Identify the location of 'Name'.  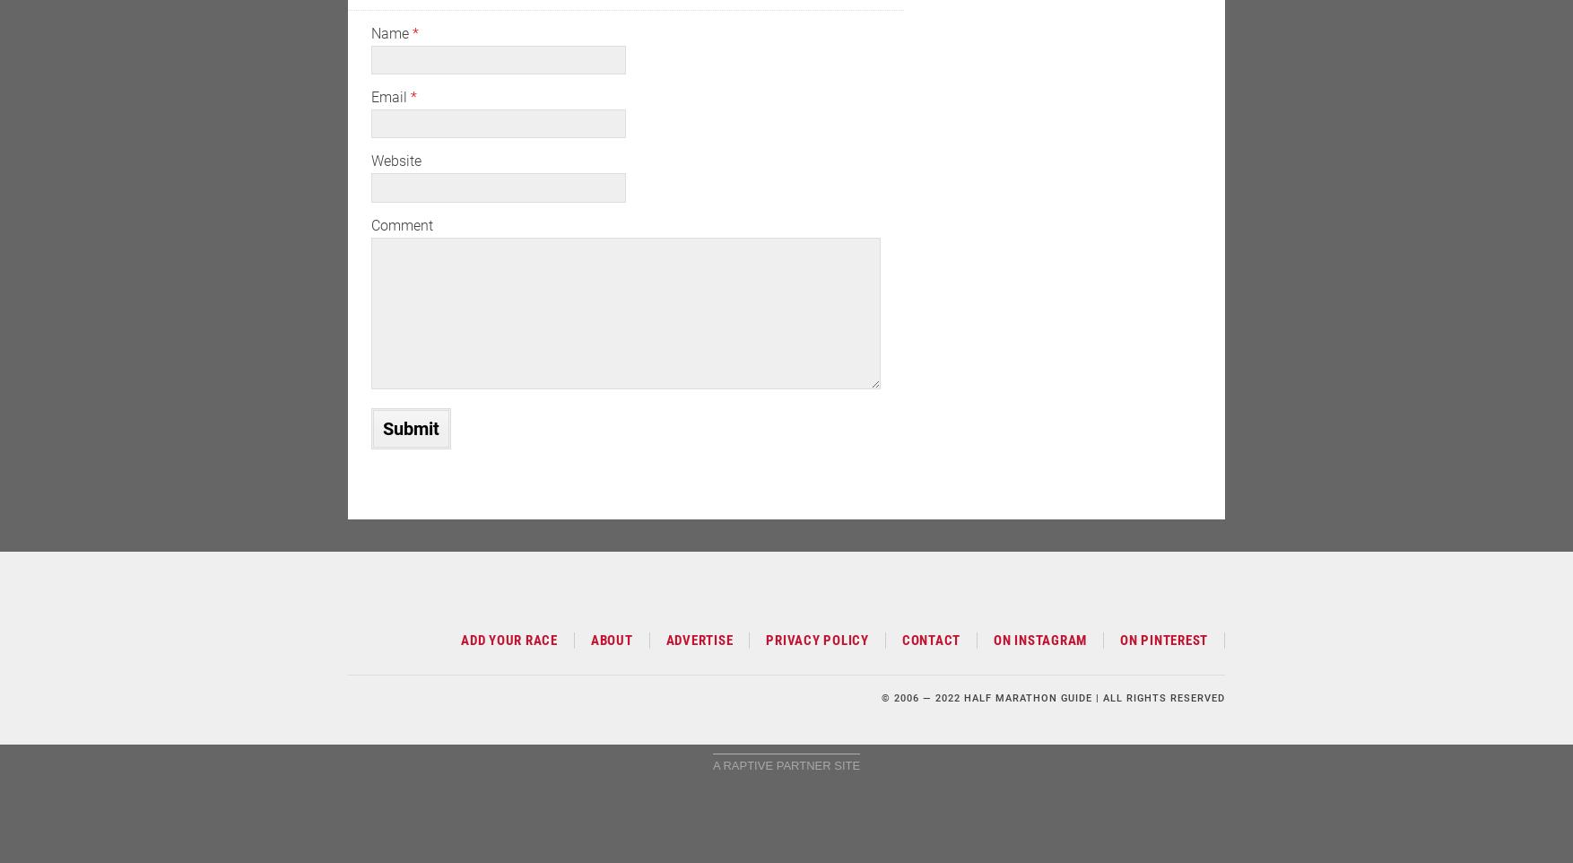
(391, 32).